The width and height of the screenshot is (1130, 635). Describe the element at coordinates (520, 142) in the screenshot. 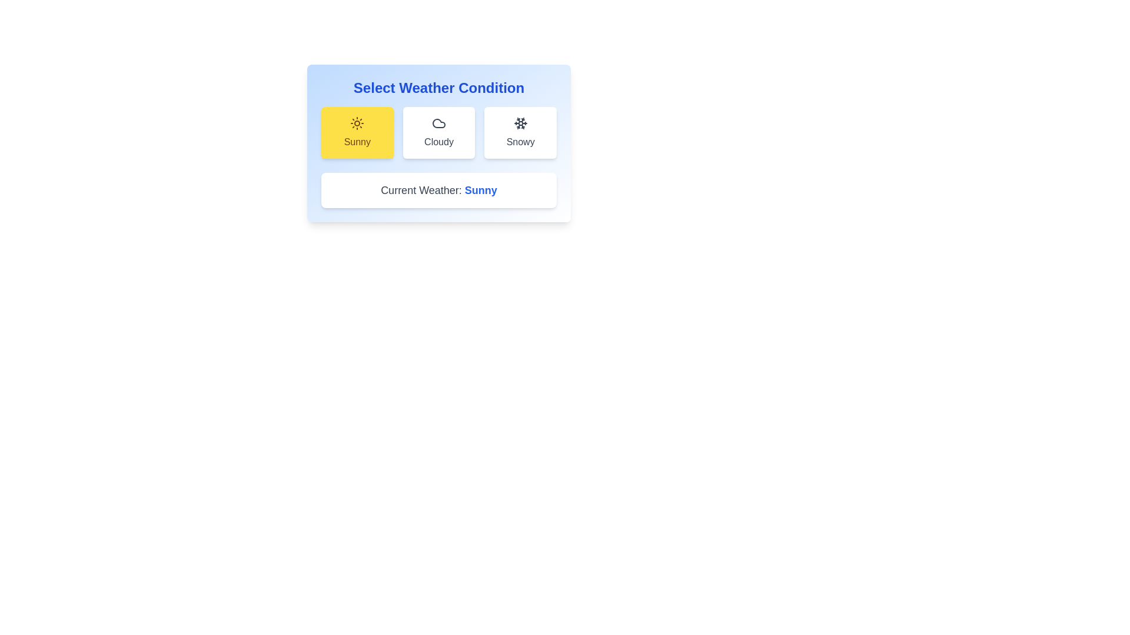

I see `the weather condition label in the third card under the header 'Select Weather Condition', which describes the weather condition` at that location.